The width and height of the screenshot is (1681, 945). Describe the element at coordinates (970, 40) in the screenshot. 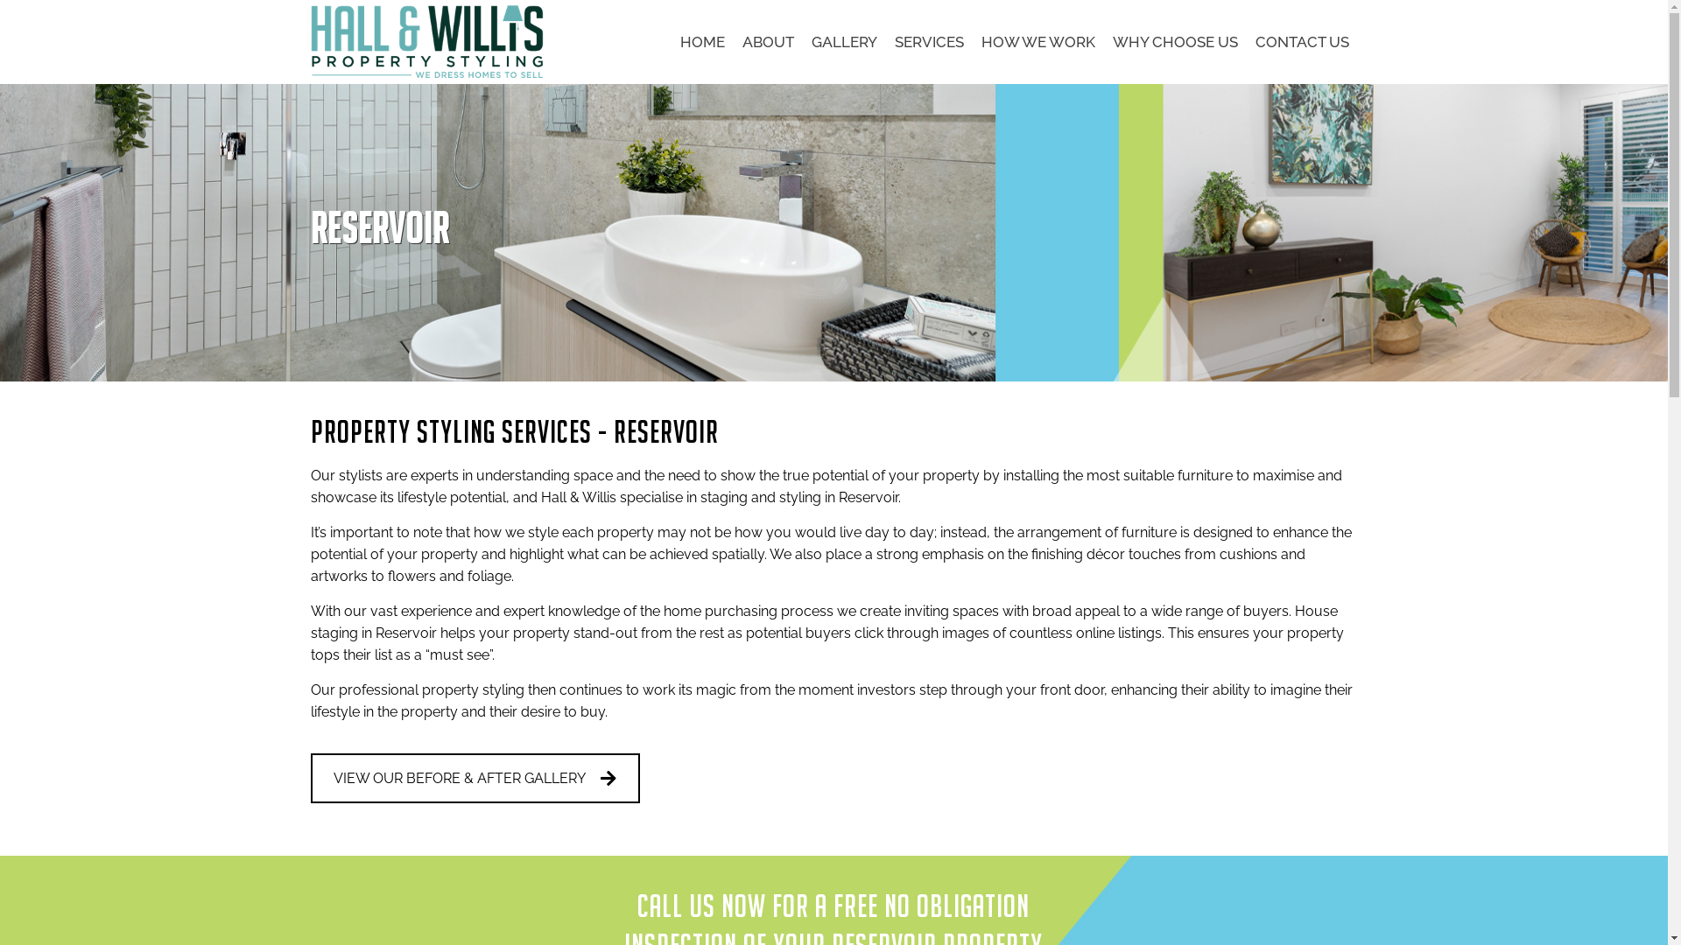

I see `'HOW WE WORK'` at that location.